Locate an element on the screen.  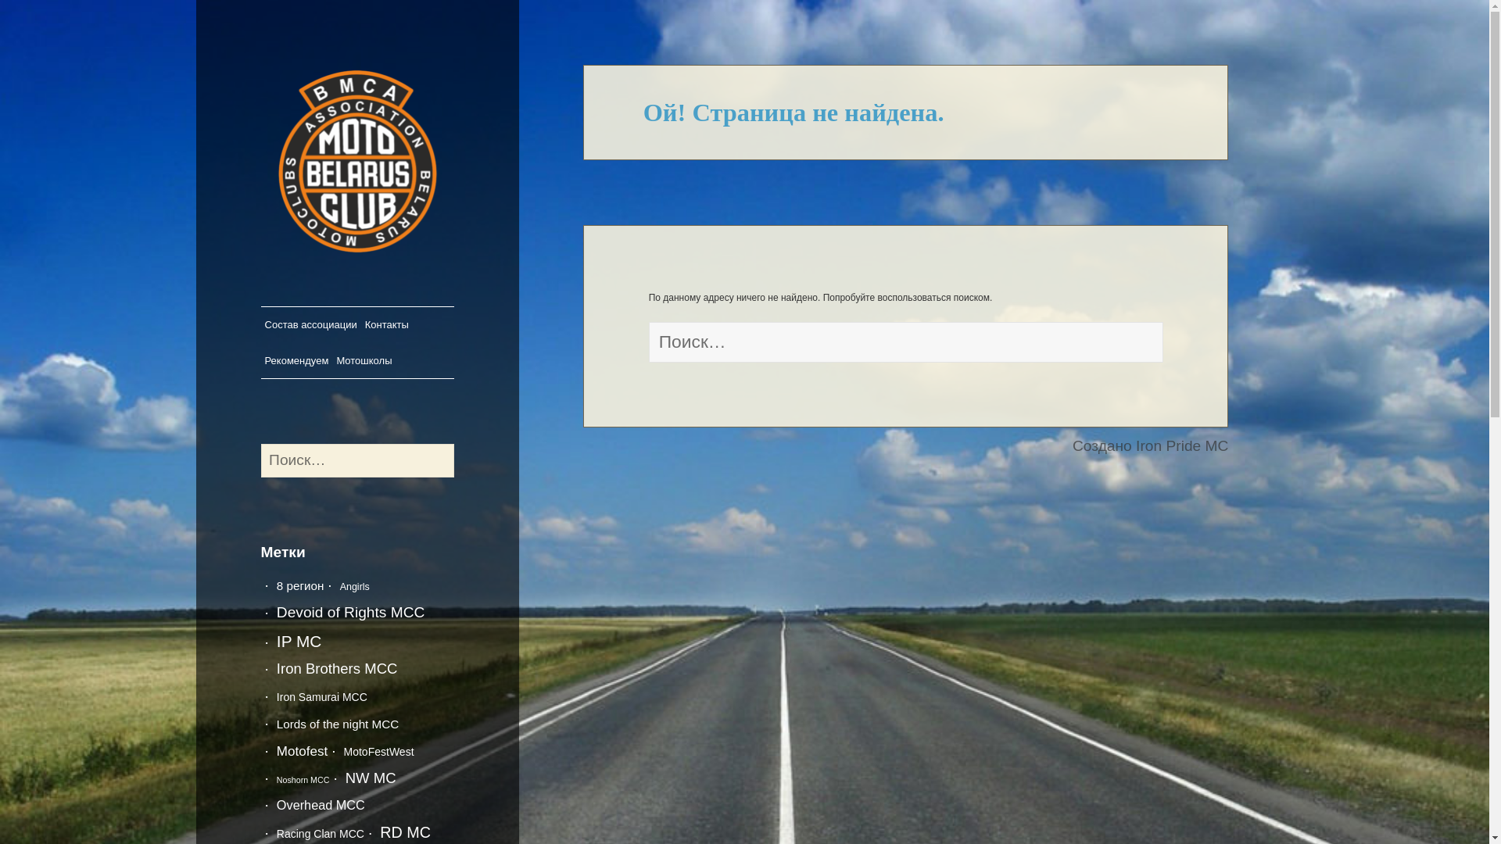
'Angirls' is located at coordinates (354, 587).